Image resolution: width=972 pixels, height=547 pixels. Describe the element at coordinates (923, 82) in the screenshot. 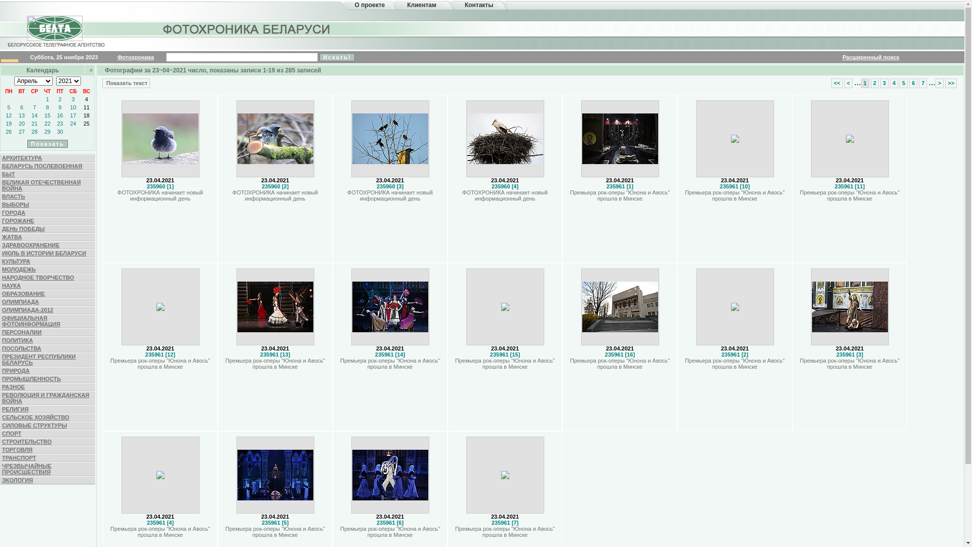

I see `'7'` at that location.